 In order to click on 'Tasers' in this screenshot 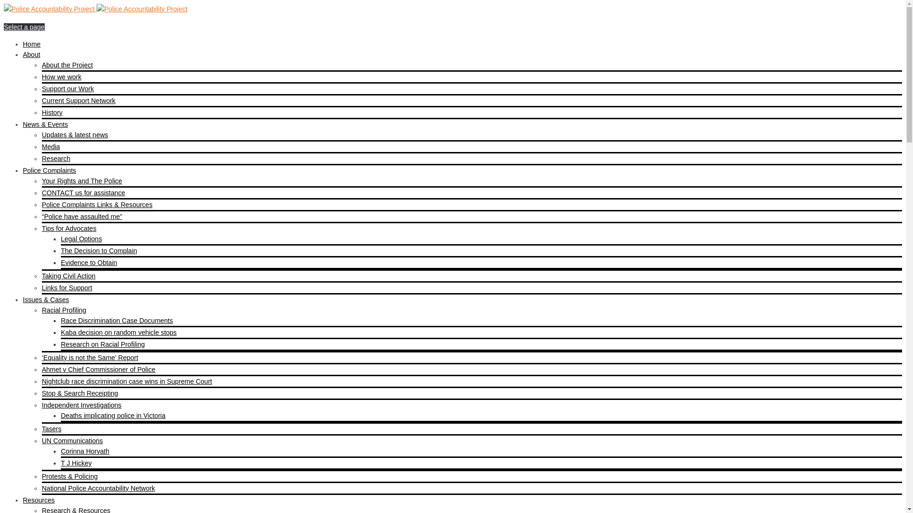, I will do `click(51, 428)`.